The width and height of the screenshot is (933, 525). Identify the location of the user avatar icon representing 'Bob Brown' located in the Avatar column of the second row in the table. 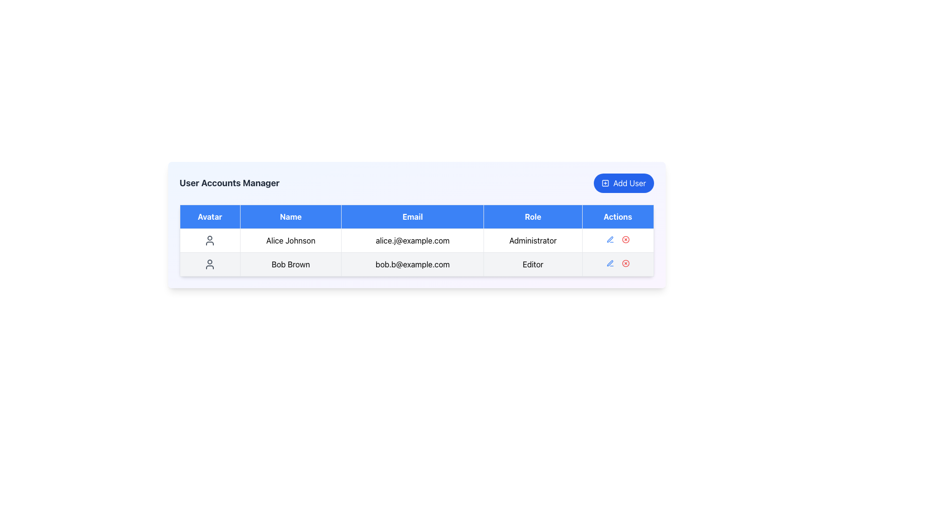
(209, 264).